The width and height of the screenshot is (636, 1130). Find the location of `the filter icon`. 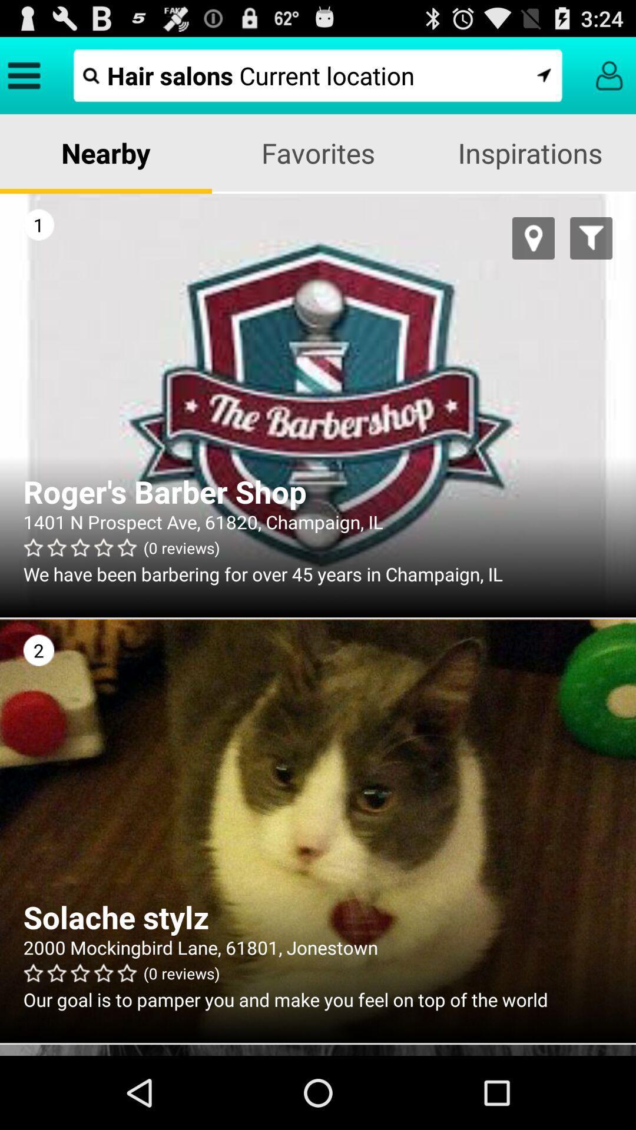

the filter icon is located at coordinates (591, 254).